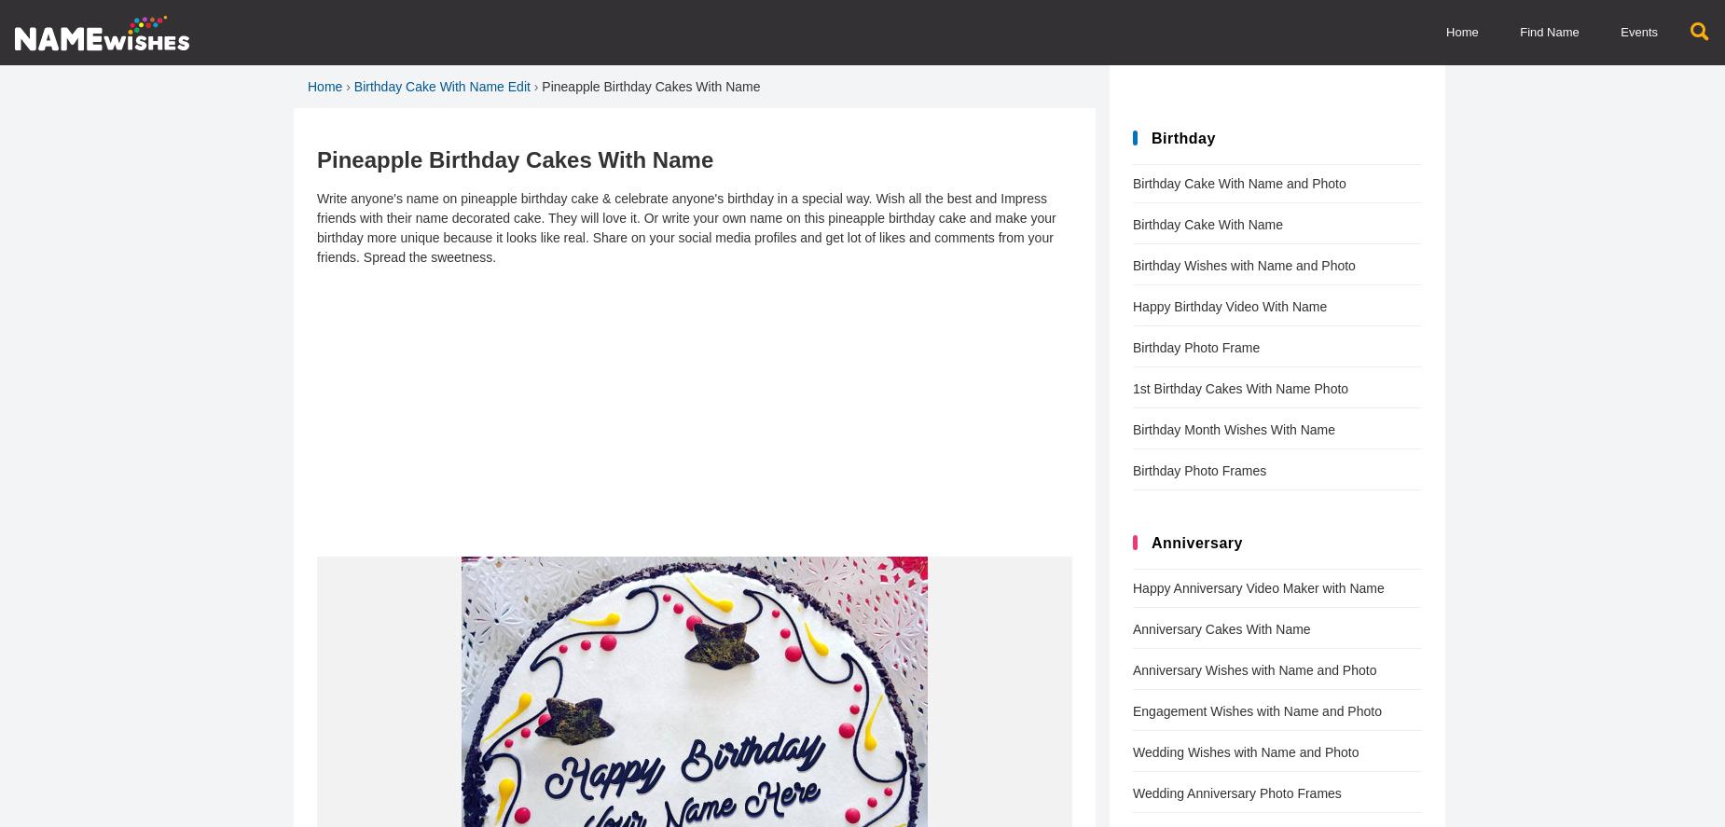  Describe the element at coordinates (1255, 710) in the screenshot. I see `'Engagement Wishes with Name and Photo'` at that location.